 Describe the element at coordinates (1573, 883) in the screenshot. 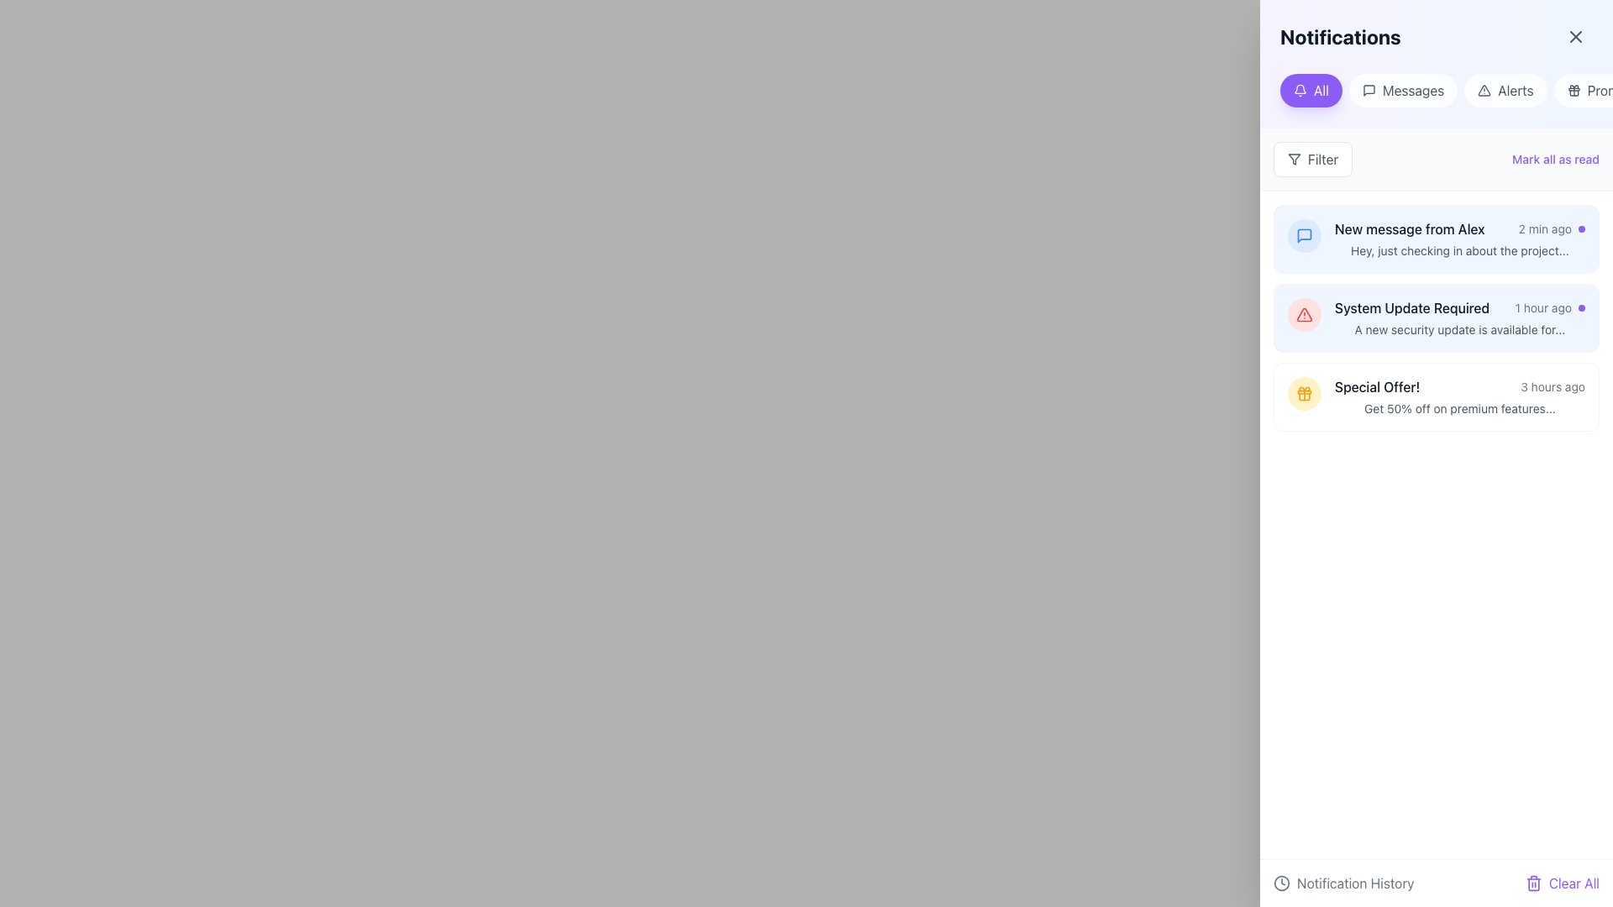

I see `the 'Clear All' text label in violet font located at the bottom-right corner of the application interface` at that location.